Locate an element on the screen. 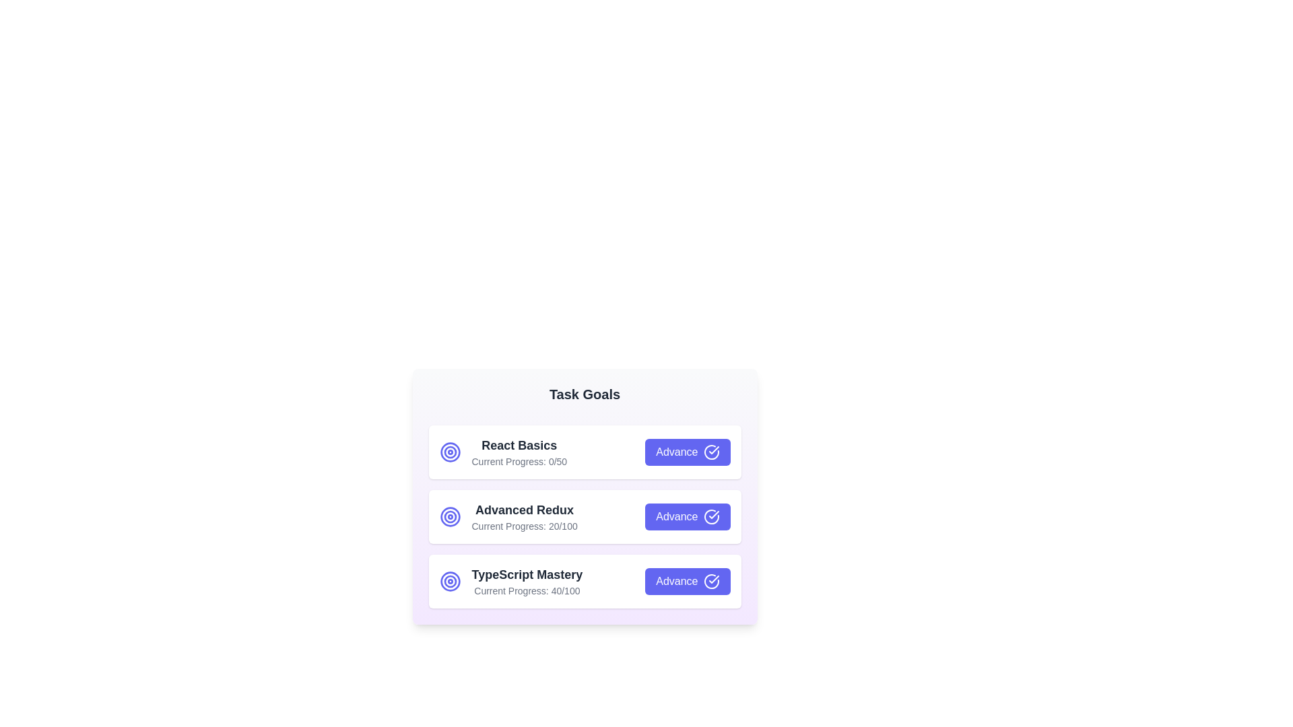 The image size is (1293, 727). progress information displayed in the Text Display element showing 'Current Progress: 40/100' beneath the 'Advanced Redux' task is located at coordinates (526, 581).